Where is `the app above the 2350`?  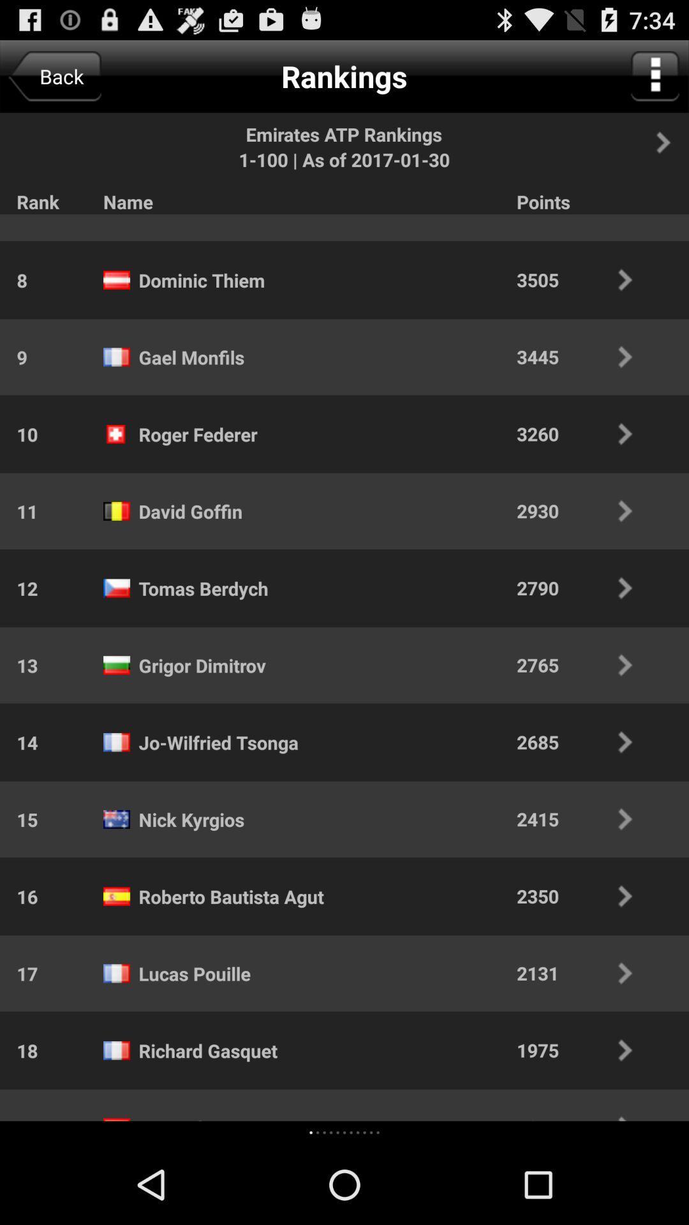 the app above the 2350 is located at coordinates (583, 819).